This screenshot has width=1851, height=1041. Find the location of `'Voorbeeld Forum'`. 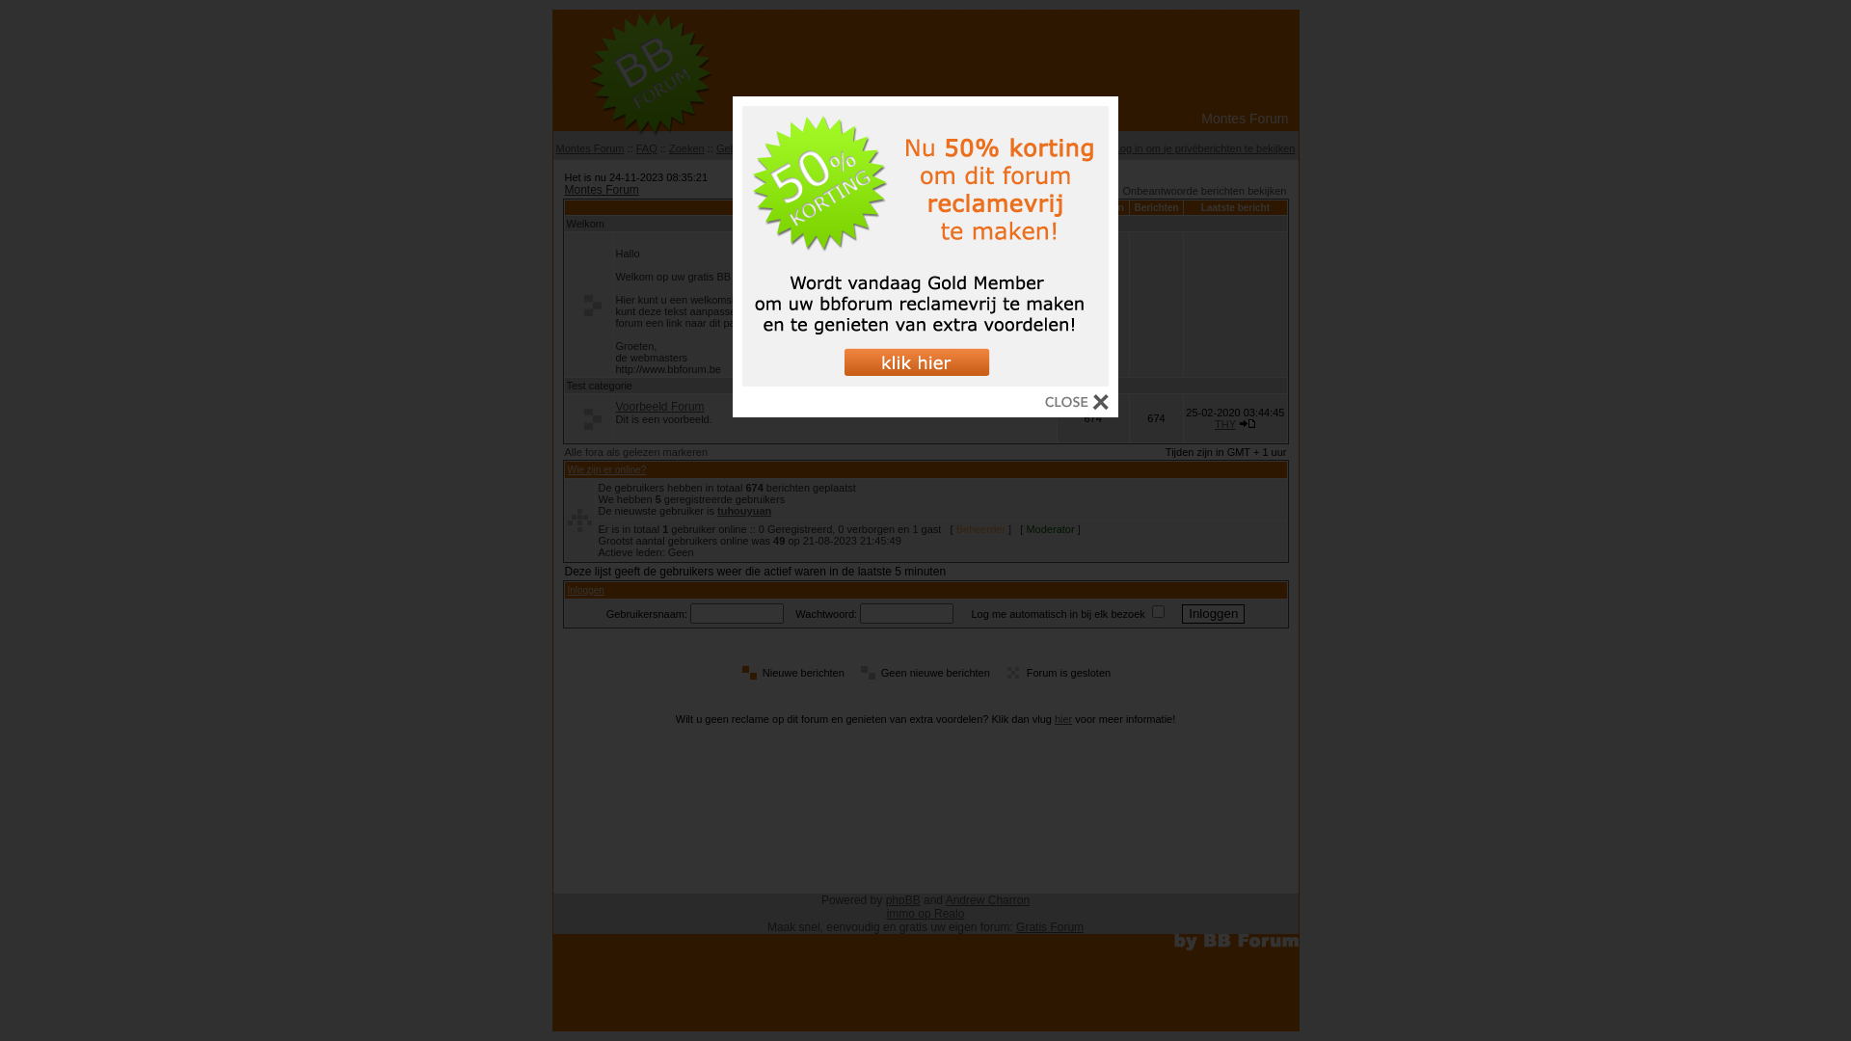

'Voorbeeld Forum' is located at coordinates (658, 405).